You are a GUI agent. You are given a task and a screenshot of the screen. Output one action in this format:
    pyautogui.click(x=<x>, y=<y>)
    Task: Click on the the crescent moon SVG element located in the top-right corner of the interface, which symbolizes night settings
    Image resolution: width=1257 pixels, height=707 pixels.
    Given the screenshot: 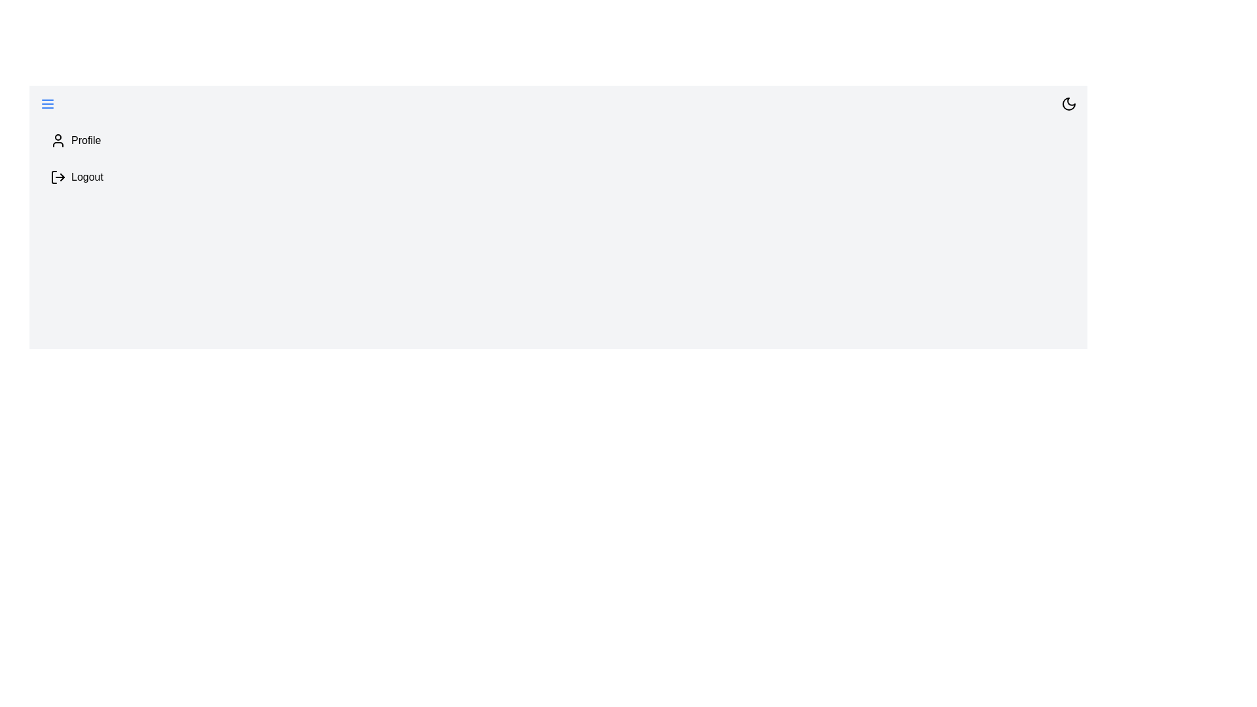 What is the action you would take?
    pyautogui.click(x=1068, y=103)
    